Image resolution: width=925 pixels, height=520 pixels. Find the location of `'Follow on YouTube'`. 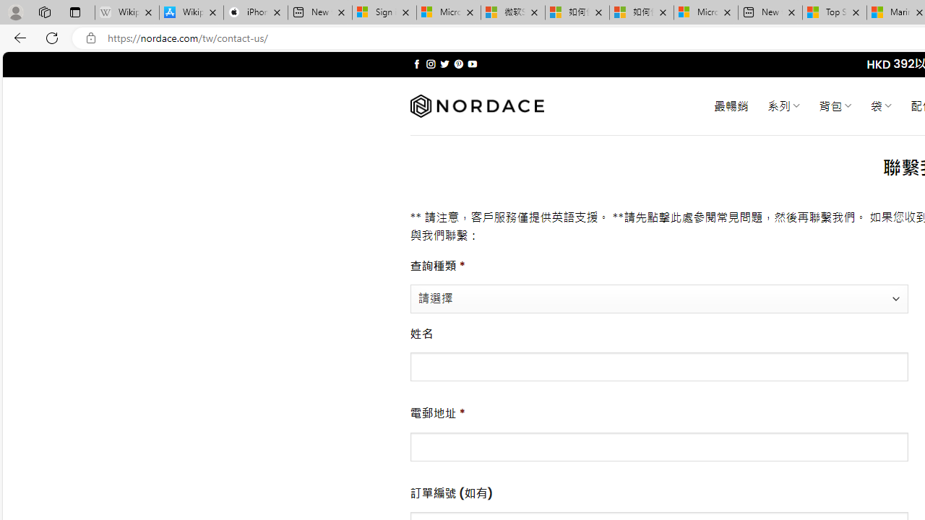

'Follow on YouTube' is located at coordinates (472, 64).